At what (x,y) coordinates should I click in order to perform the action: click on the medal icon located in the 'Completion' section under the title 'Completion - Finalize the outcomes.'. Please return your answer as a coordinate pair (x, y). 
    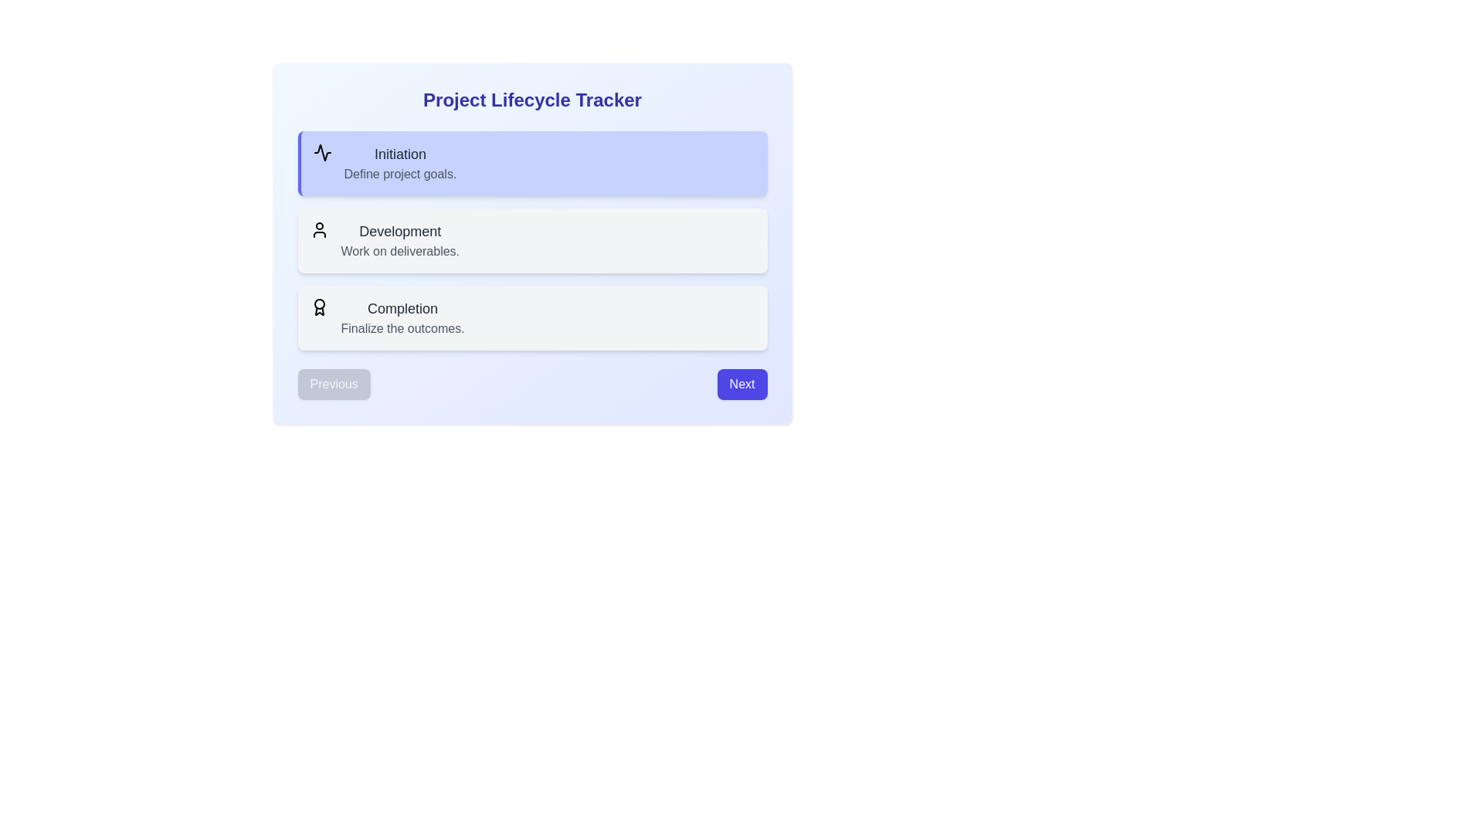
    Looking at the image, I should click on (318, 307).